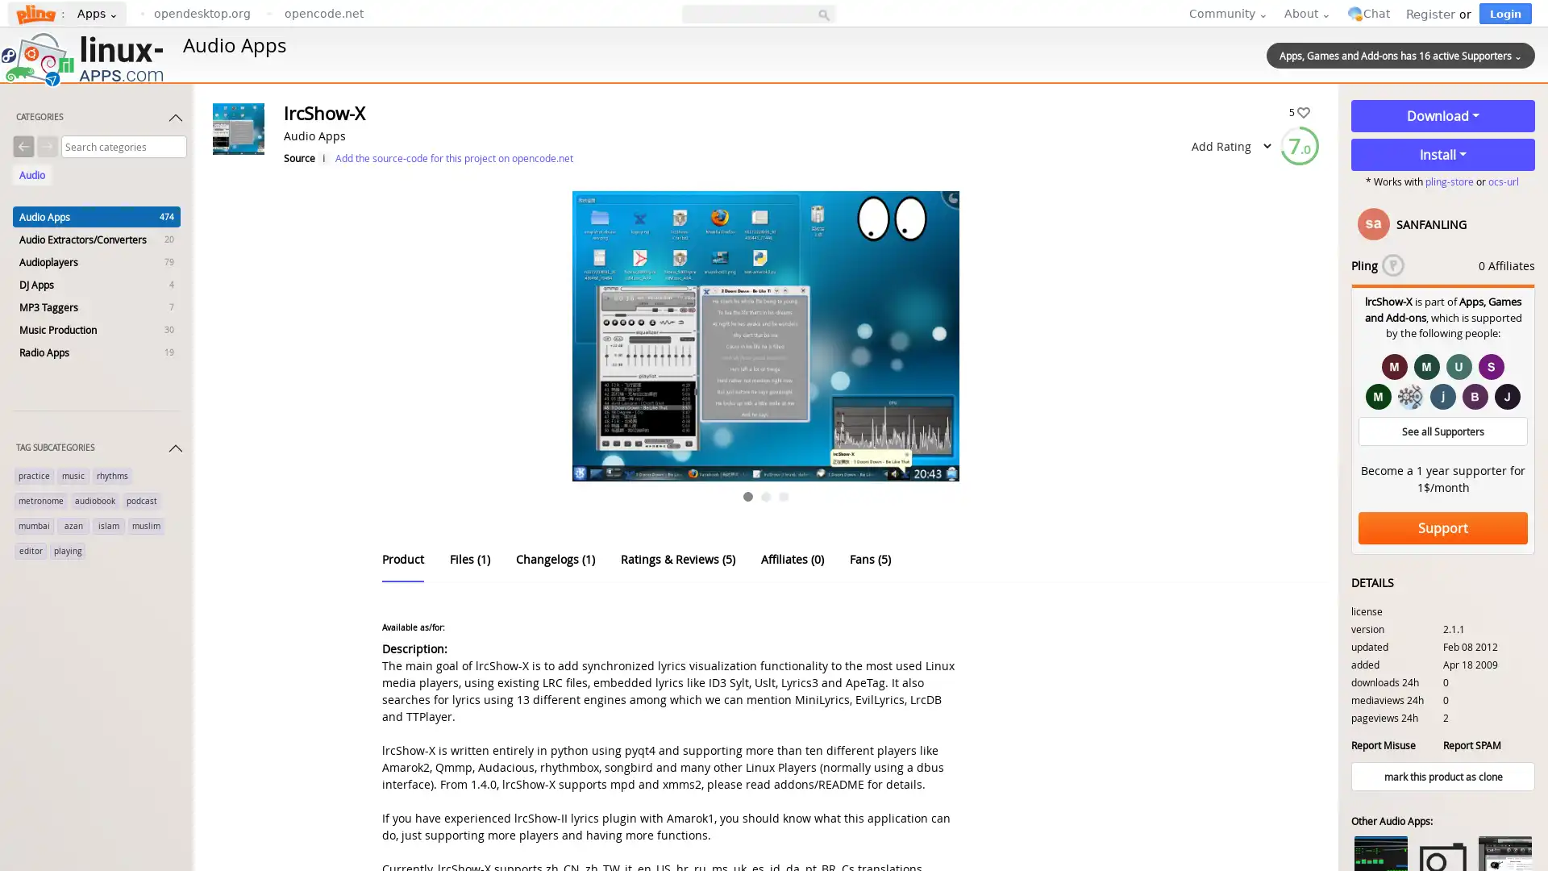 This screenshot has width=1548, height=871. I want to click on TAG SUBCATEGORIES, so click(99, 451).